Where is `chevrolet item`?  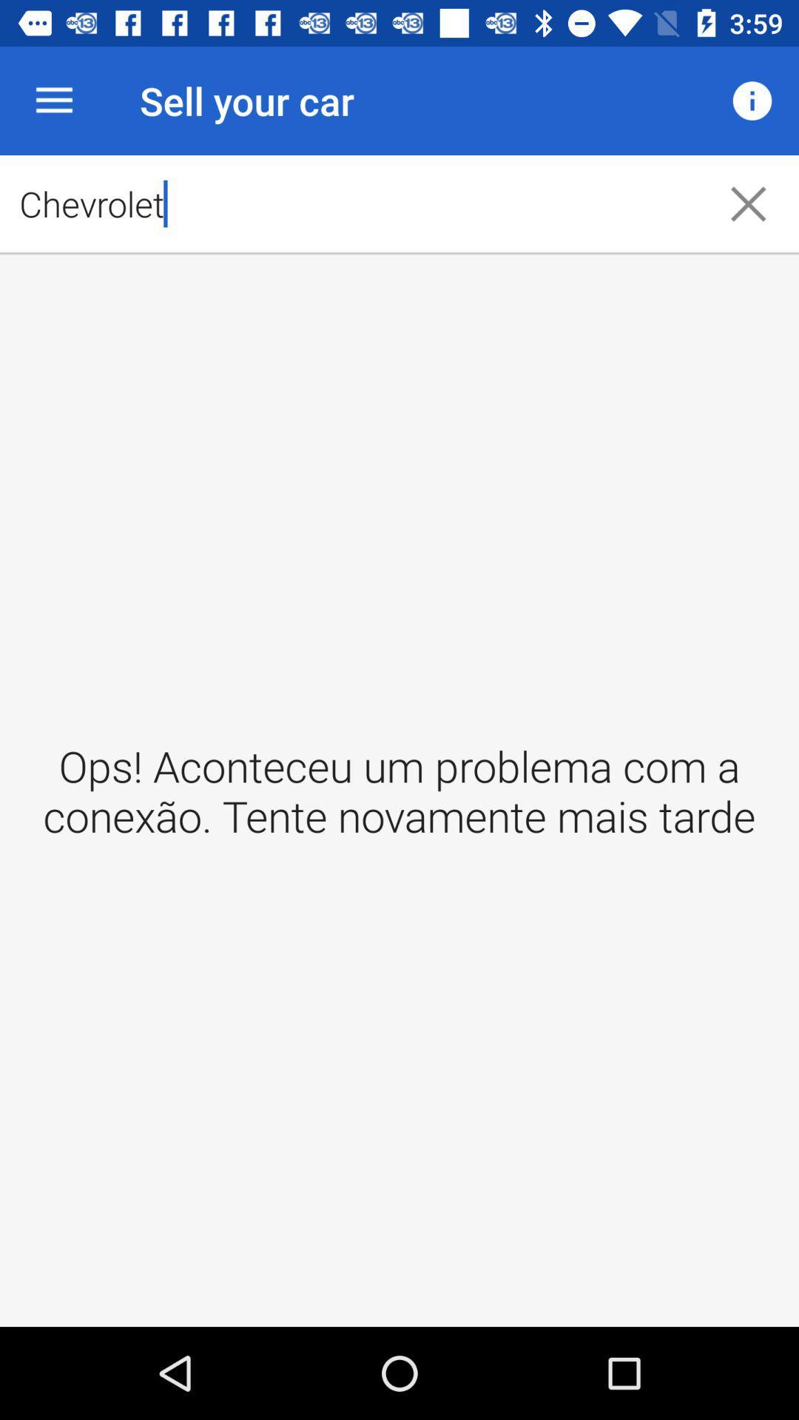 chevrolet item is located at coordinates (348, 203).